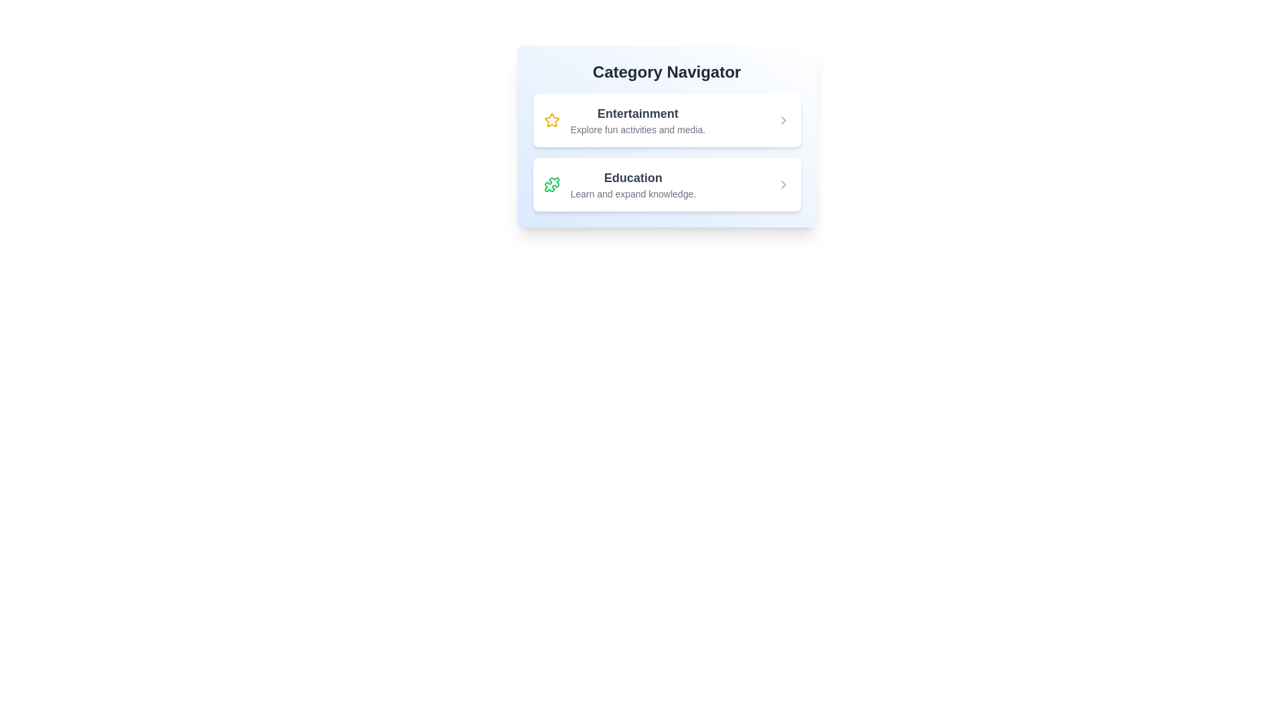 This screenshot has width=1285, height=723. I want to click on the first item, so click(667, 120).